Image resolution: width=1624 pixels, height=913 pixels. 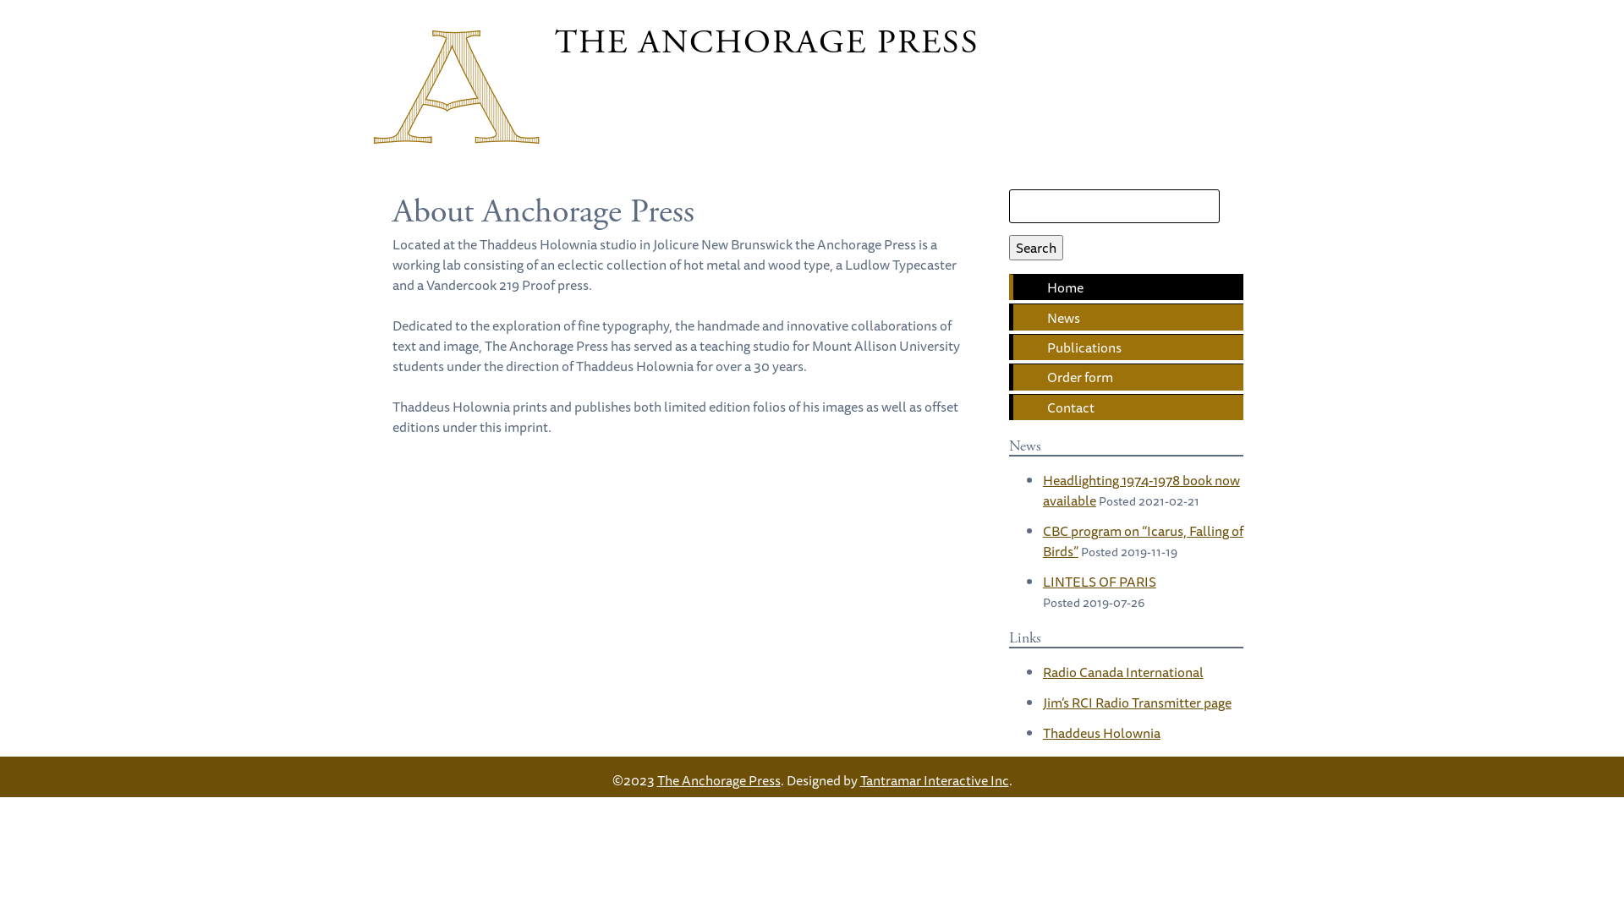 I want to click on 'Headlighting 1974-1978 book now available', so click(x=1141, y=489).